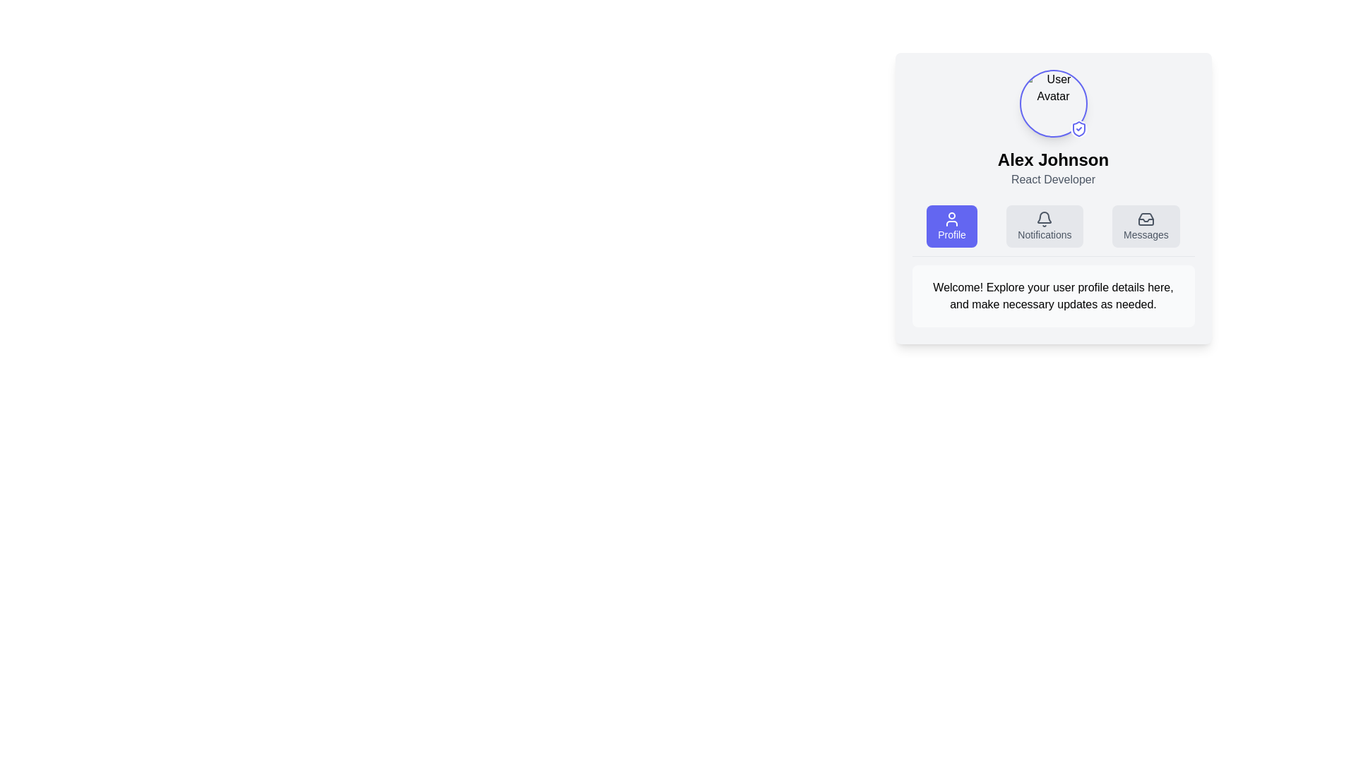 This screenshot has width=1356, height=762. Describe the element at coordinates (1045, 234) in the screenshot. I see `the Text Label that serves as a label for a button or navigational component, which is centered between the 'Profile' and 'Messages' buttons` at that location.